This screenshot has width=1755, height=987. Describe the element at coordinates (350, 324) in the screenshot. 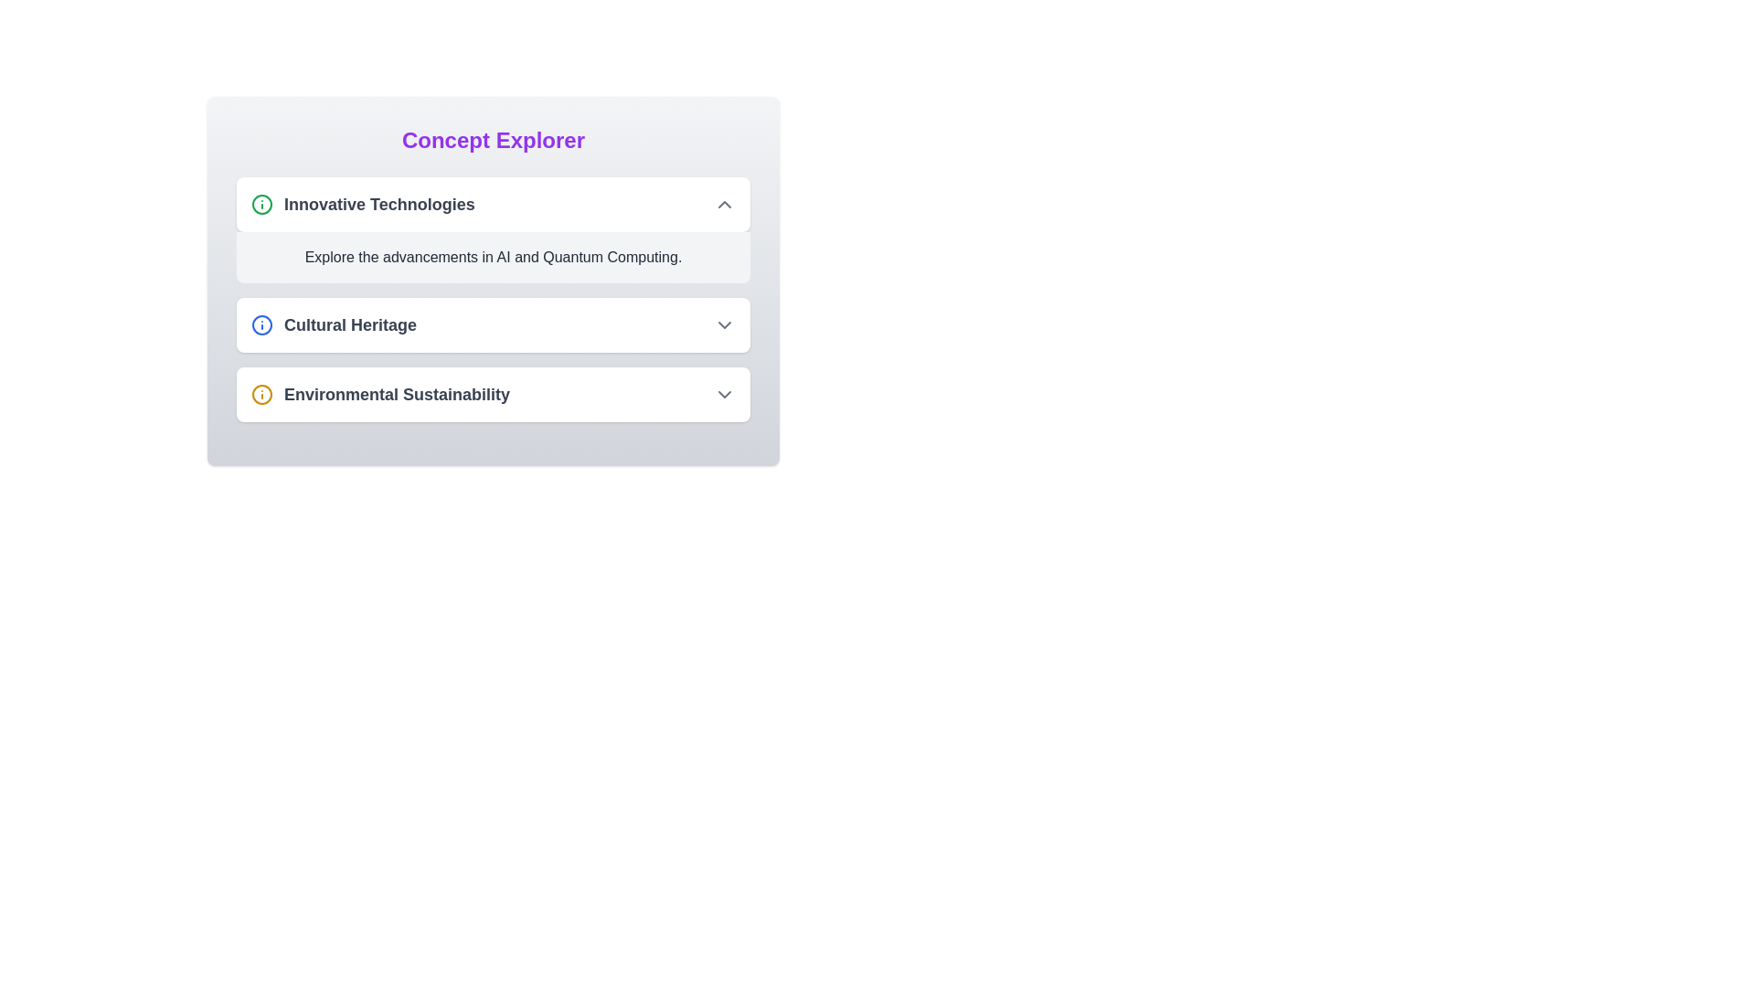

I see `the 'Cultural Heritage' text label styled in gray, located within the Concept Explorer section next to the information icon` at that location.